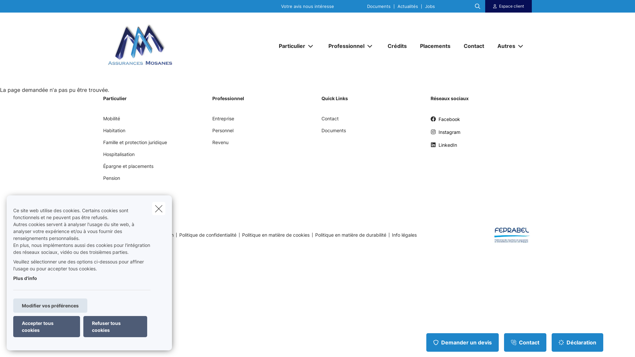 The image size is (635, 357). I want to click on 'Documents', so click(379, 6).